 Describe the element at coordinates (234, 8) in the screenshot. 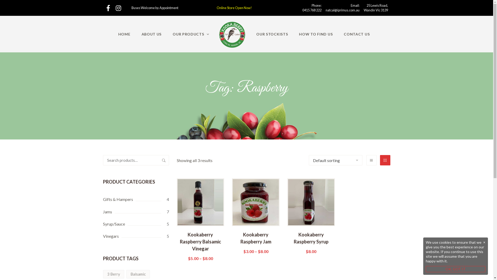

I see `'Online Store Open Now!'` at that location.